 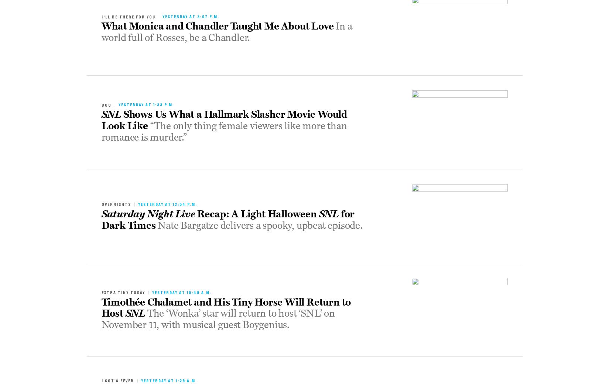 What do you see at coordinates (147, 214) in the screenshot?
I see `'Saturday Night Live'` at bounding box center [147, 214].